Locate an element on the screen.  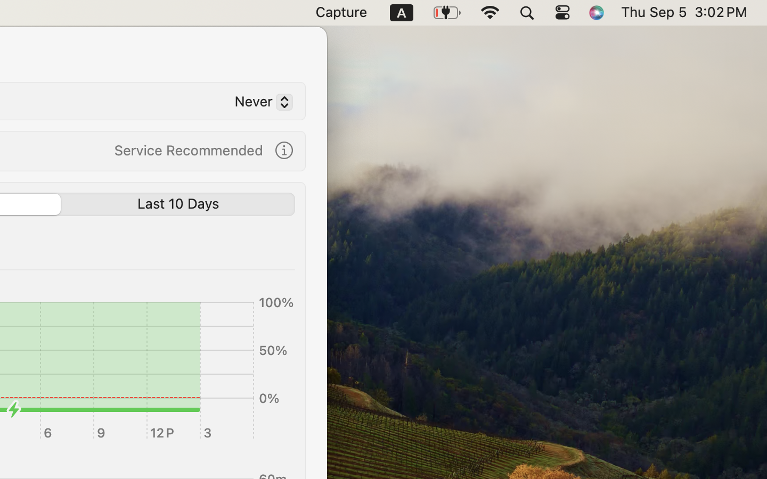
'Service Recommended' is located at coordinates (188, 149).